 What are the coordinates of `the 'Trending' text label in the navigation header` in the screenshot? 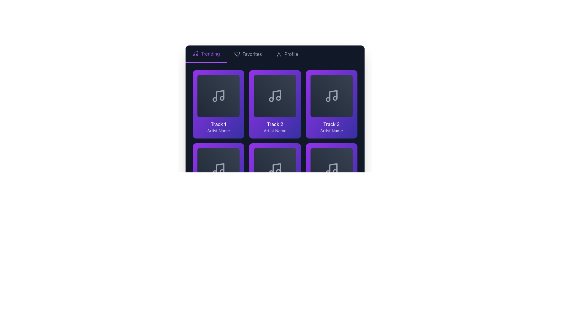 It's located at (210, 54).